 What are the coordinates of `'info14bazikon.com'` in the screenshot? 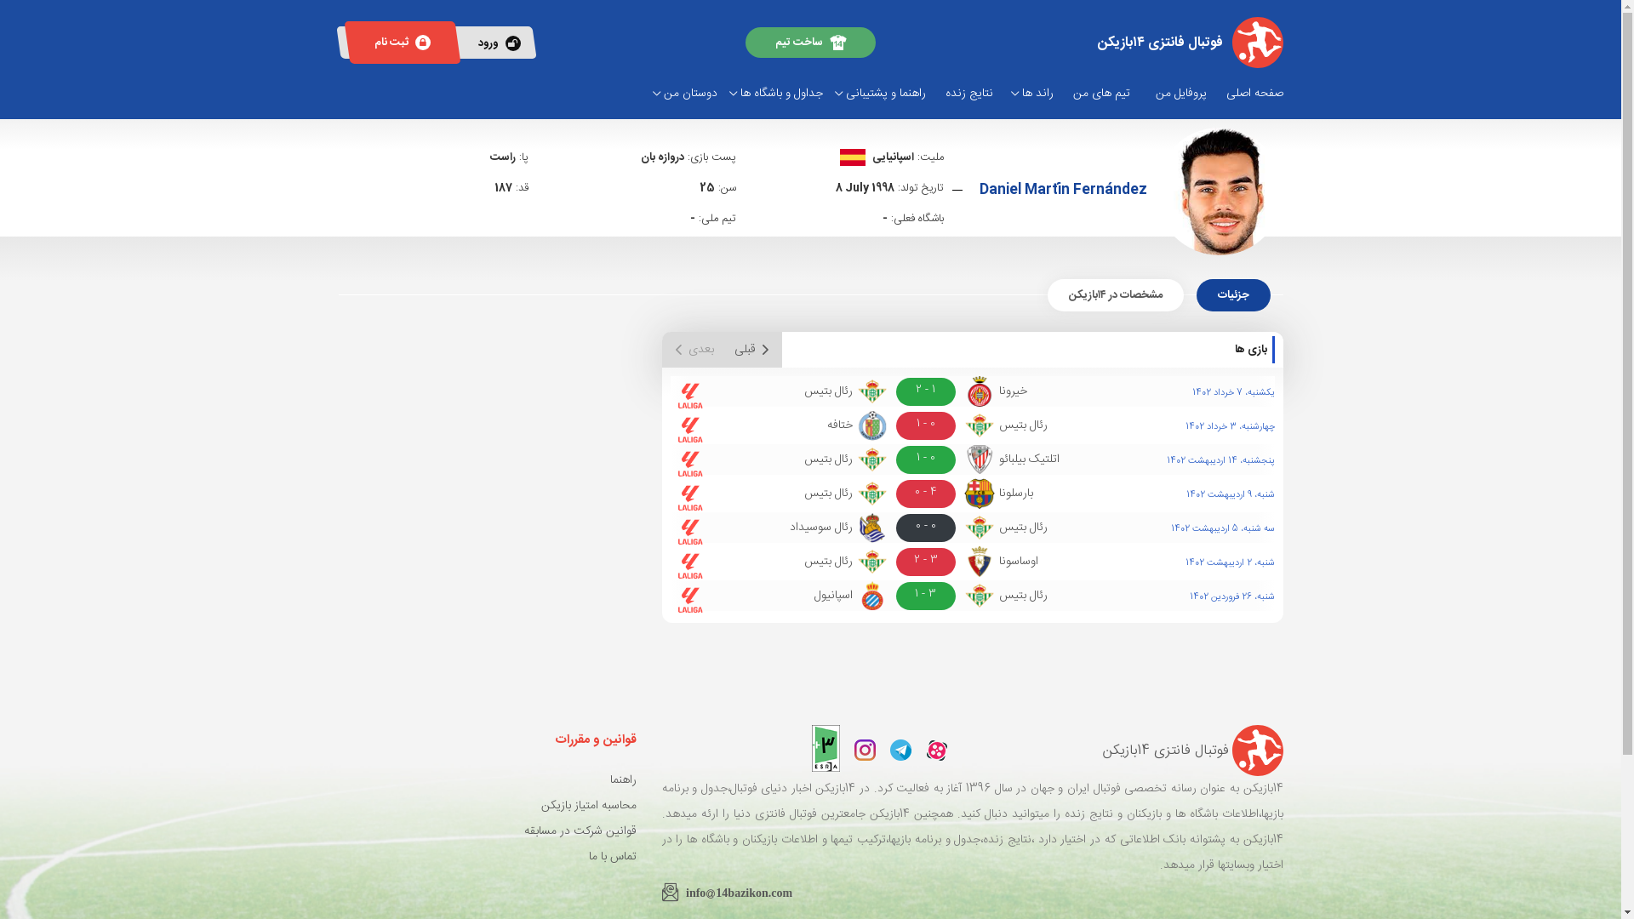 It's located at (660, 889).